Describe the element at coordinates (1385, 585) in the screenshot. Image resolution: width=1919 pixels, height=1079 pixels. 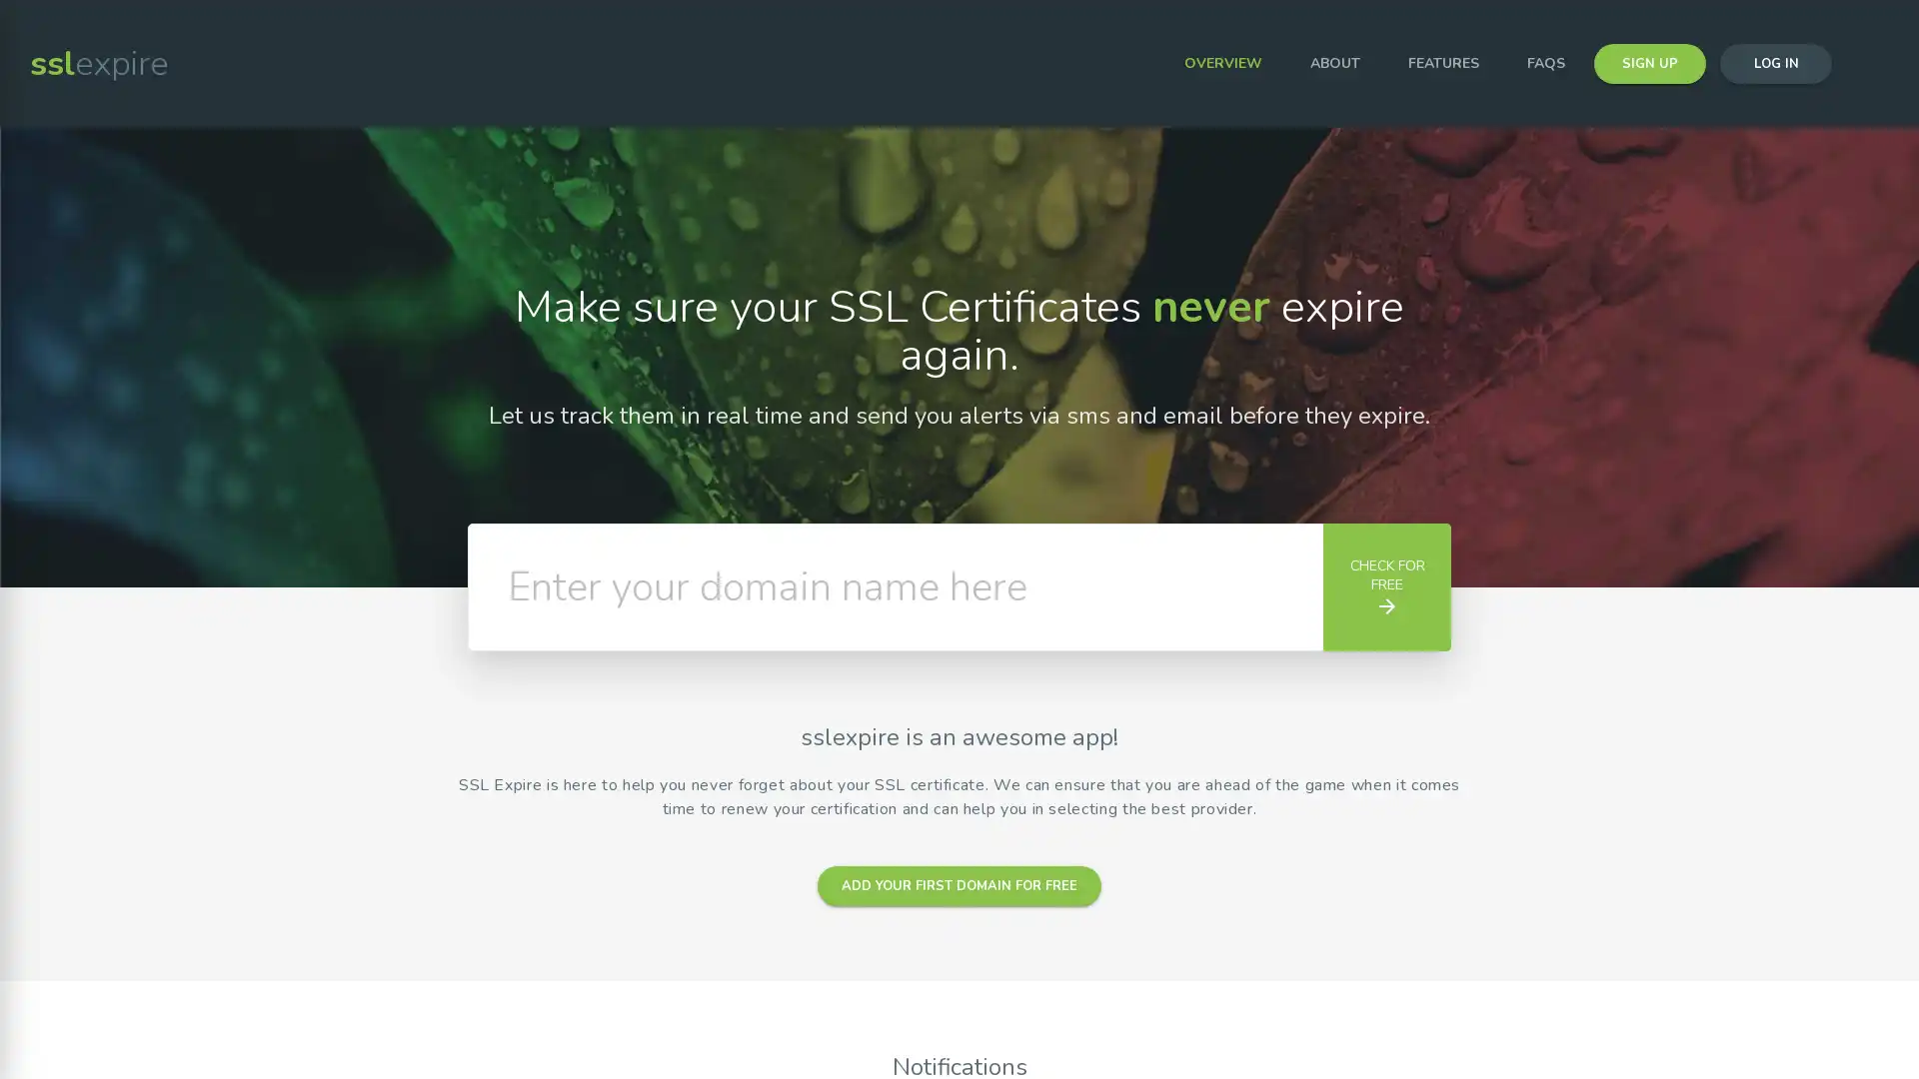
I see `CHECK FOR FREE arrow_forward` at that location.